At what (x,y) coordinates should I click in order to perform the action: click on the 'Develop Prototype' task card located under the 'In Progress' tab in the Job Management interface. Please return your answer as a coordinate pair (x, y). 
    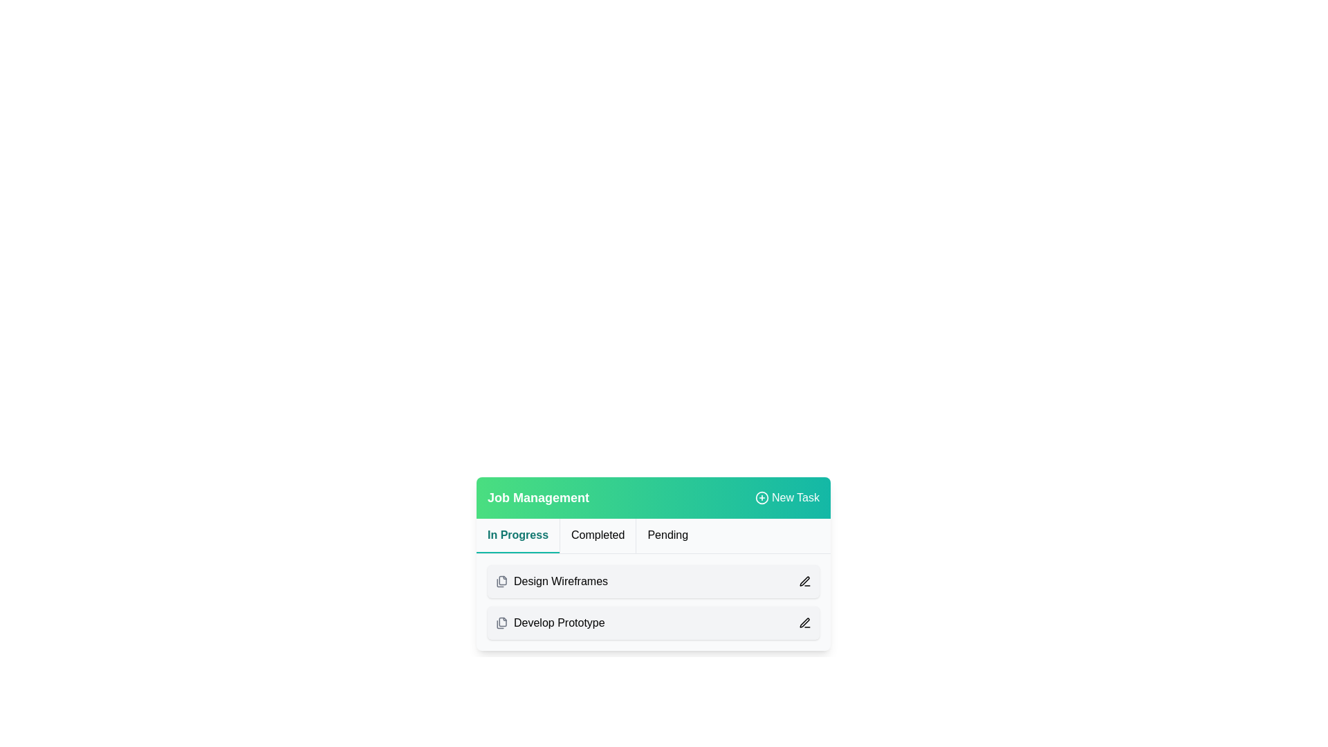
    Looking at the image, I should click on (653, 623).